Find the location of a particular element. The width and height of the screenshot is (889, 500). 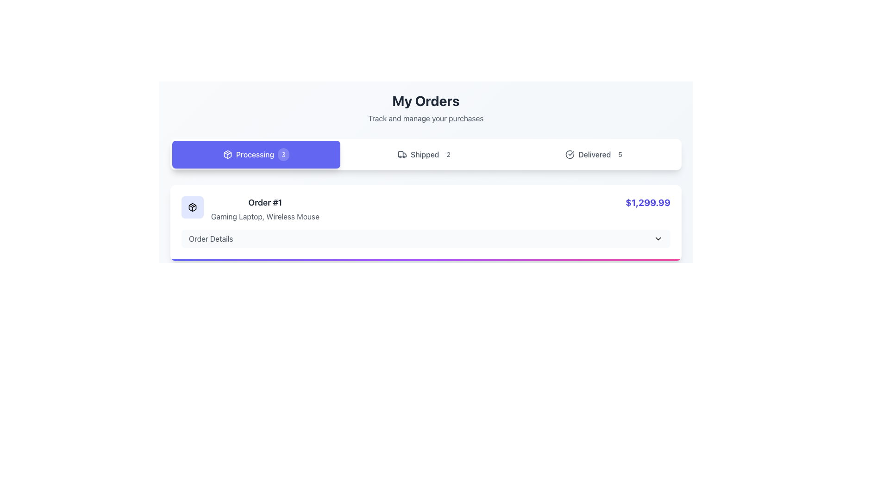

the static text label that provides a quick overview of the products associated with Order #1, located below the 'Order #1' heading and above the 'Order Details' link is located at coordinates (264, 216).